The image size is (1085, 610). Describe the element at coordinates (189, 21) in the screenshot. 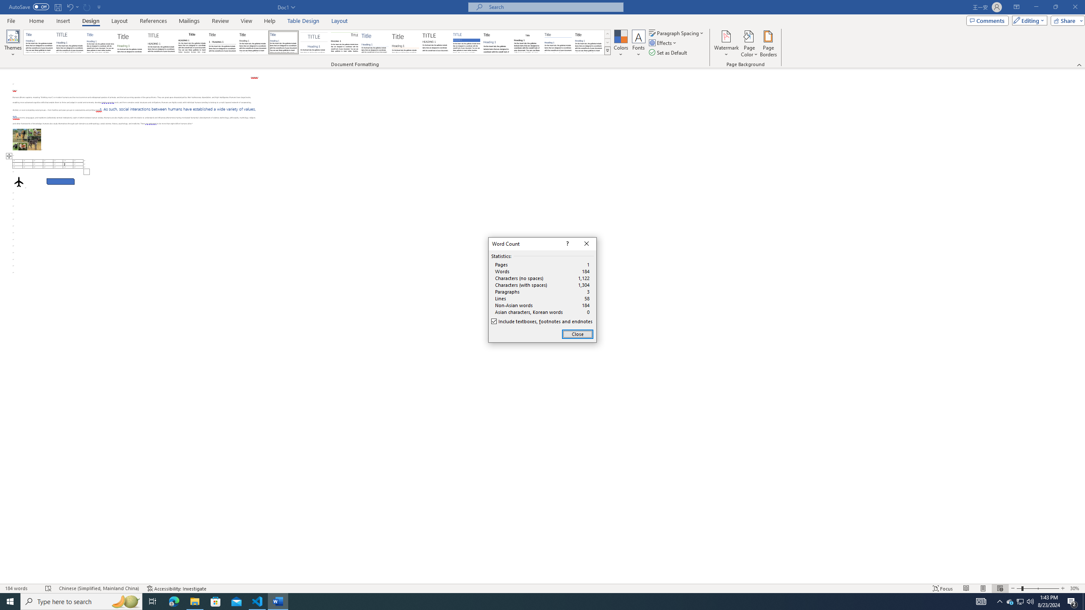

I see `'Mailings'` at that location.